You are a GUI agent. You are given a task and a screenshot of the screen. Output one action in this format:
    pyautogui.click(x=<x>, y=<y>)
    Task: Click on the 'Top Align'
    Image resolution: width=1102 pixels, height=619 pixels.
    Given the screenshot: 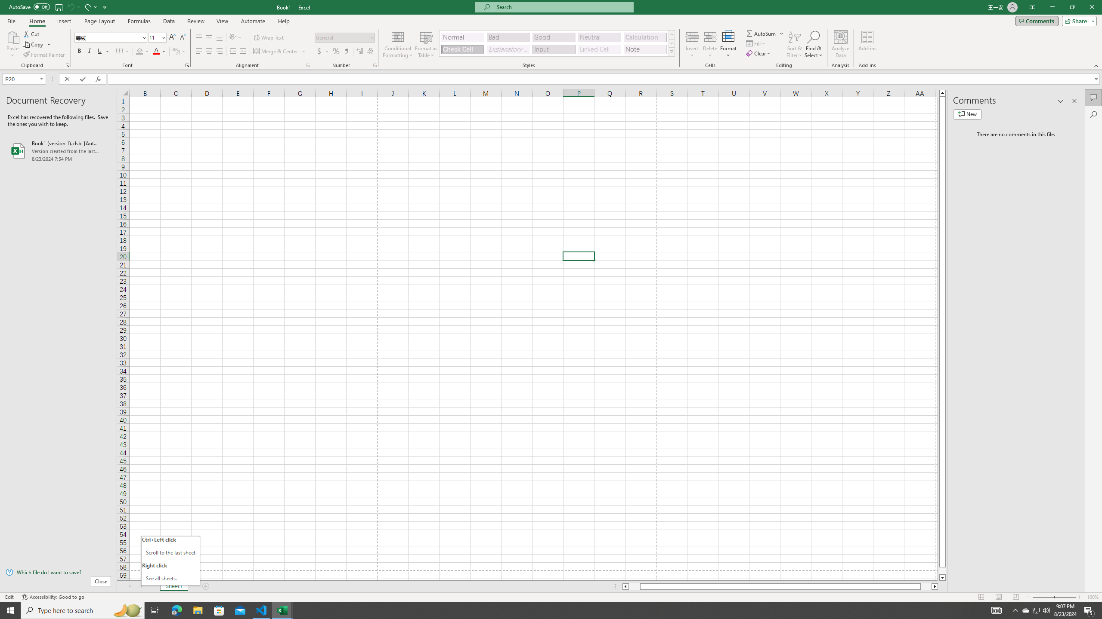 What is the action you would take?
    pyautogui.click(x=198, y=37)
    